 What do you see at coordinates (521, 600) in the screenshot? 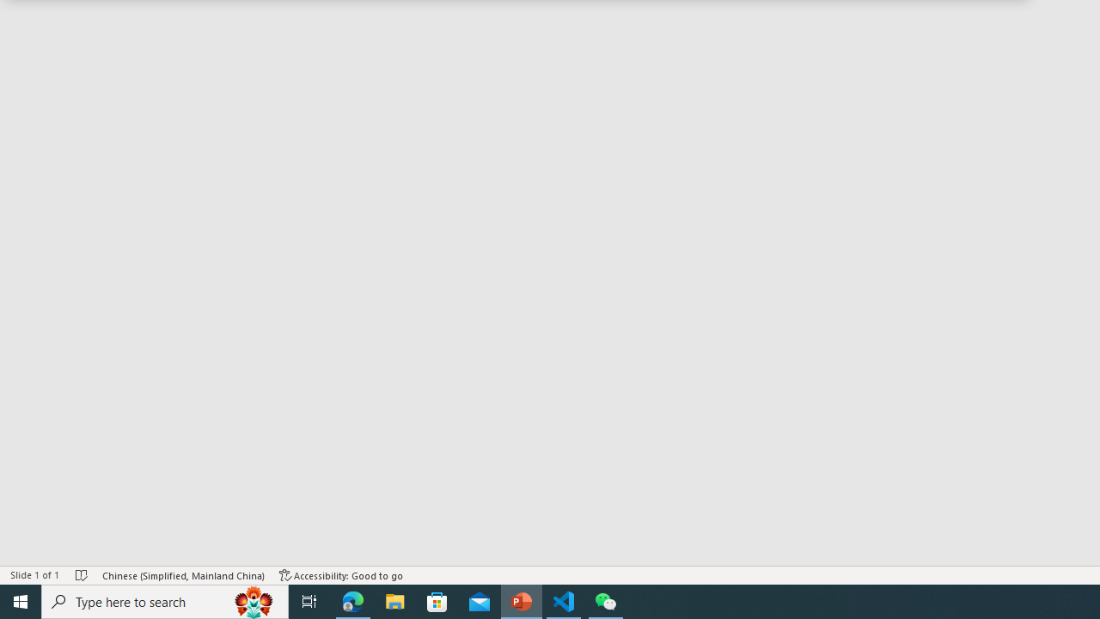
I see `'PowerPoint - 1 running window'` at bounding box center [521, 600].